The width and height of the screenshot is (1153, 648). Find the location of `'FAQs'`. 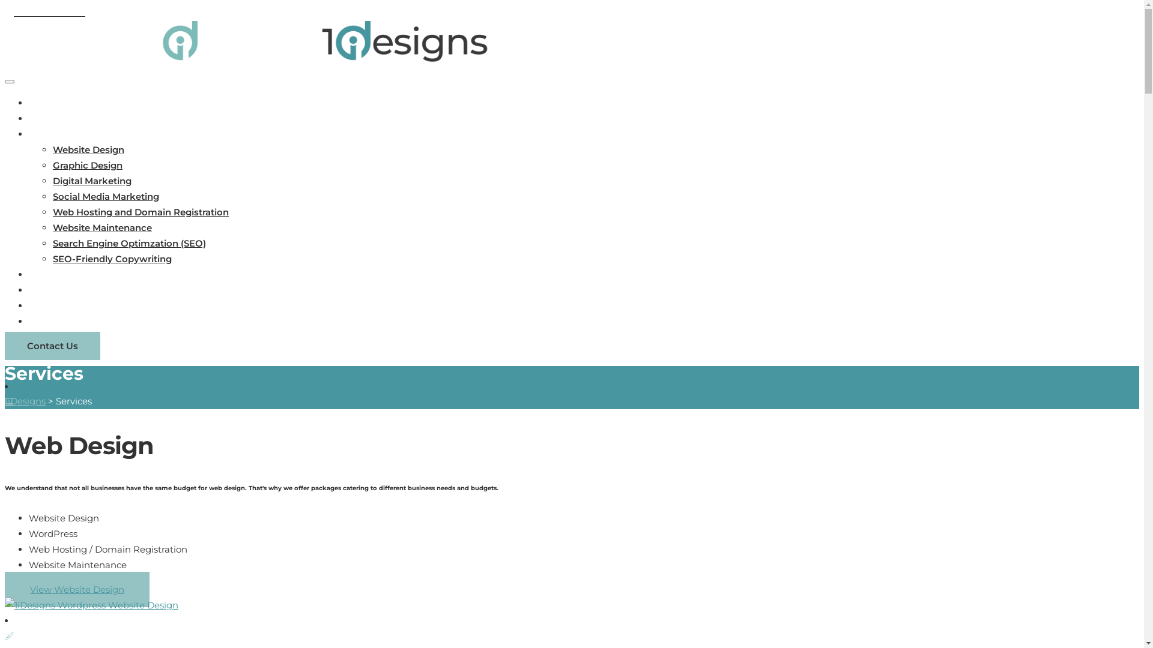

'FAQs' is located at coordinates (41, 290).